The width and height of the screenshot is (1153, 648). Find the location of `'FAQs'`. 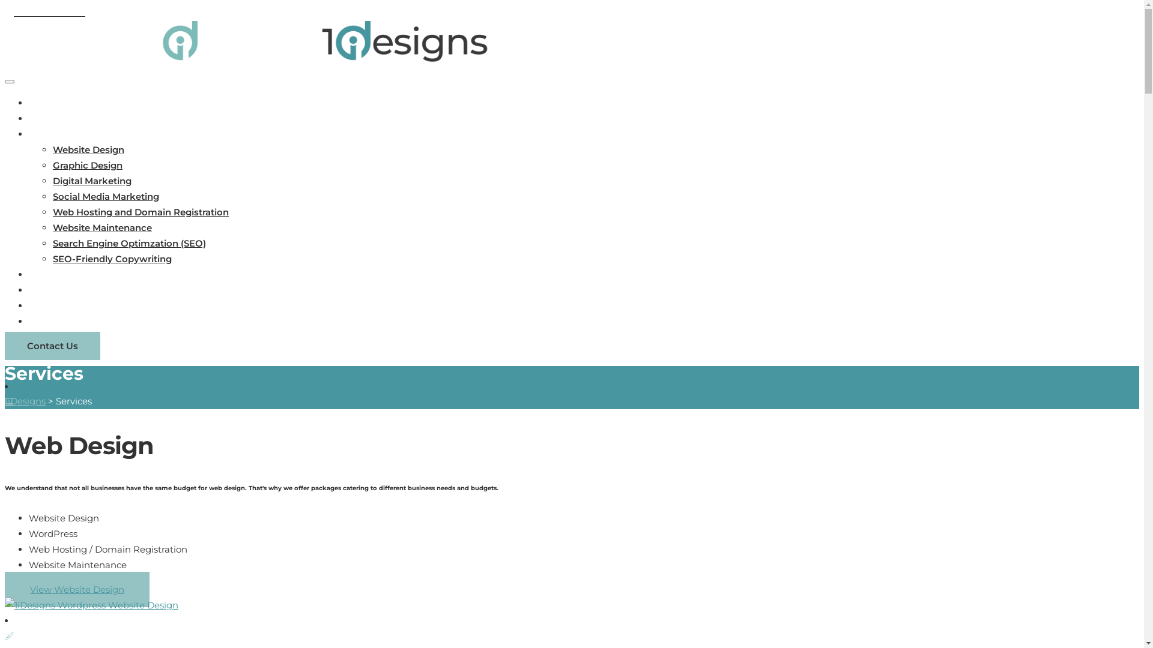

'FAQs' is located at coordinates (41, 290).